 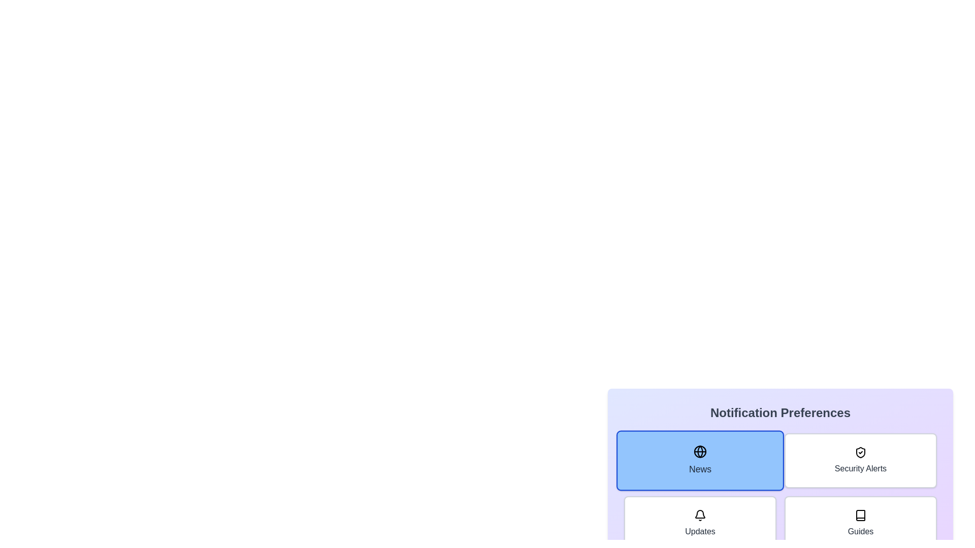 I want to click on the 'Guides' notification preference button to toggle its state, so click(x=860, y=524).